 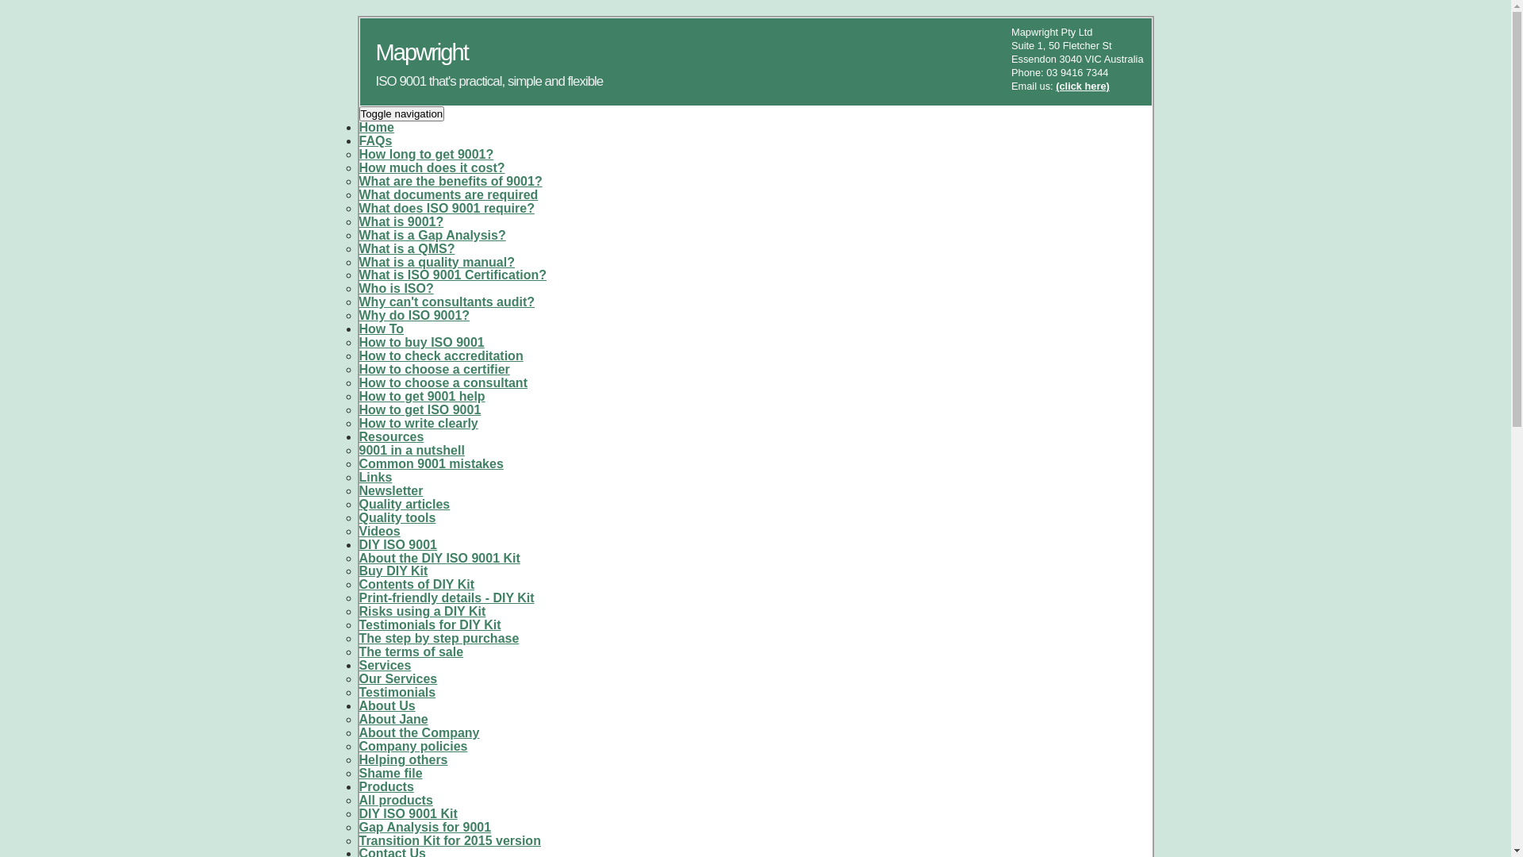 What do you see at coordinates (411, 450) in the screenshot?
I see `'9001 in a nutshell'` at bounding box center [411, 450].